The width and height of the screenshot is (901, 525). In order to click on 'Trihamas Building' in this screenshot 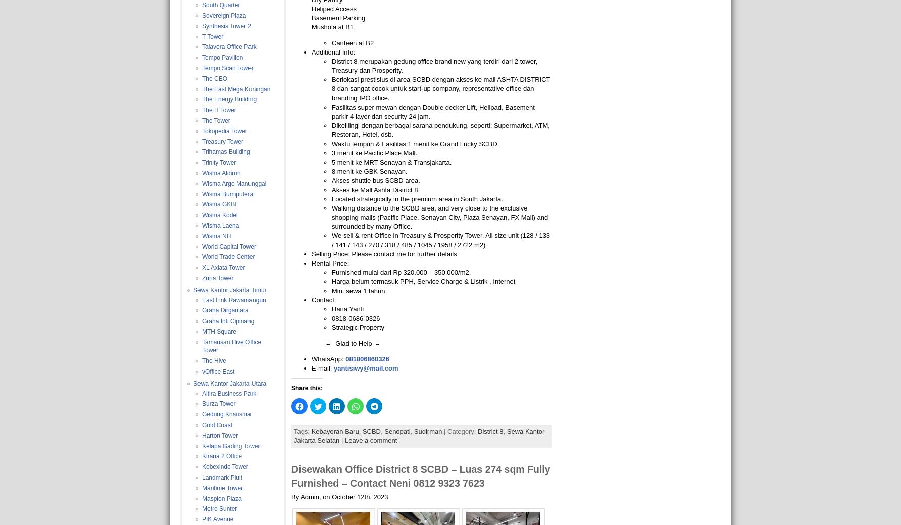, I will do `click(201, 151)`.